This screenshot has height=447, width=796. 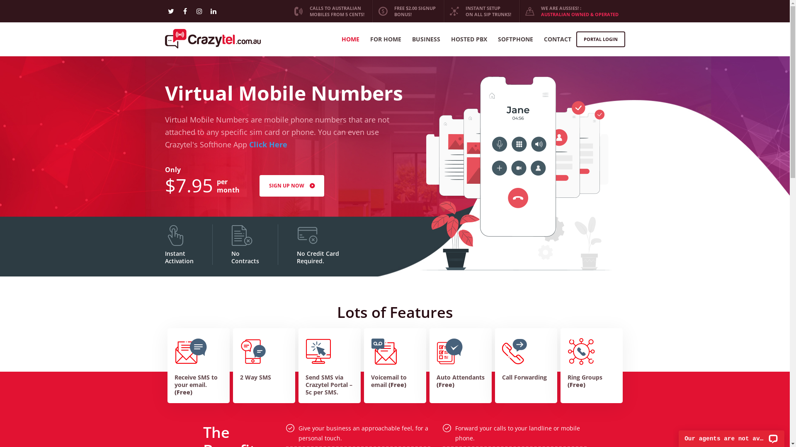 What do you see at coordinates (268, 144) in the screenshot?
I see `'Click Here'` at bounding box center [268, 144].